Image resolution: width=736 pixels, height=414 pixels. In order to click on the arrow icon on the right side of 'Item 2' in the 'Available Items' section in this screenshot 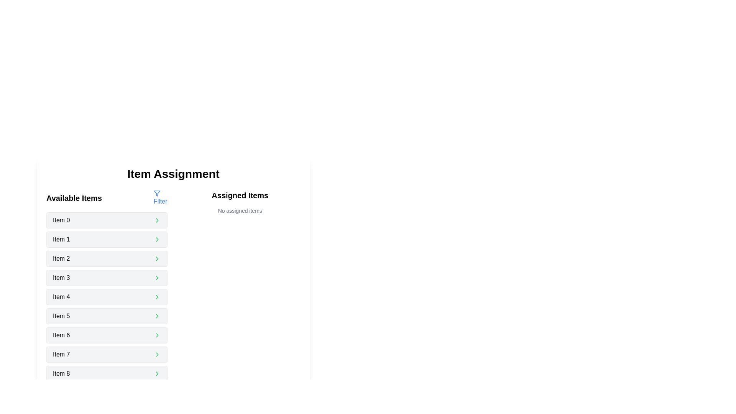, I will do `click(156, 259)`.